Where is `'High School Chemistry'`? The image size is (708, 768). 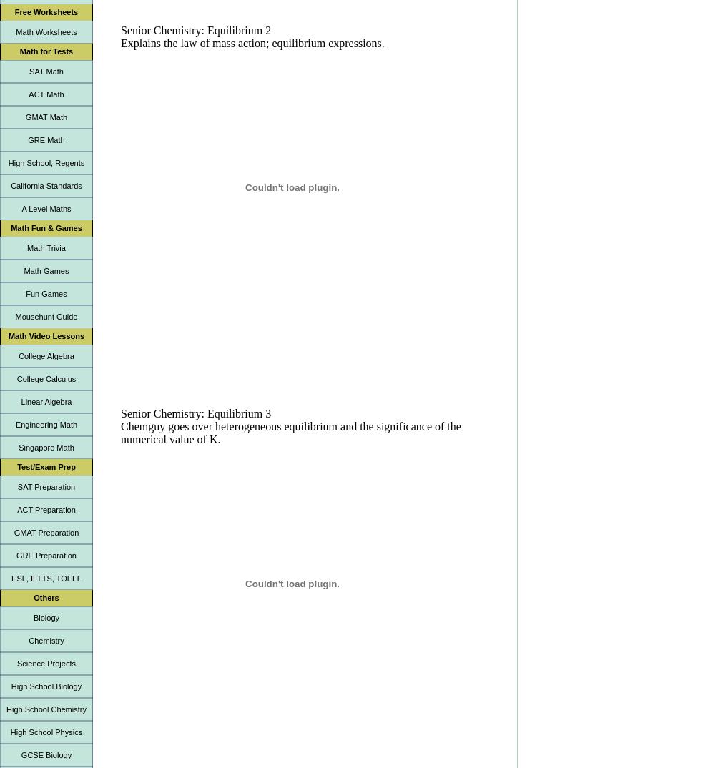 'High School Chemistry' is located at coordinates (46, 708).